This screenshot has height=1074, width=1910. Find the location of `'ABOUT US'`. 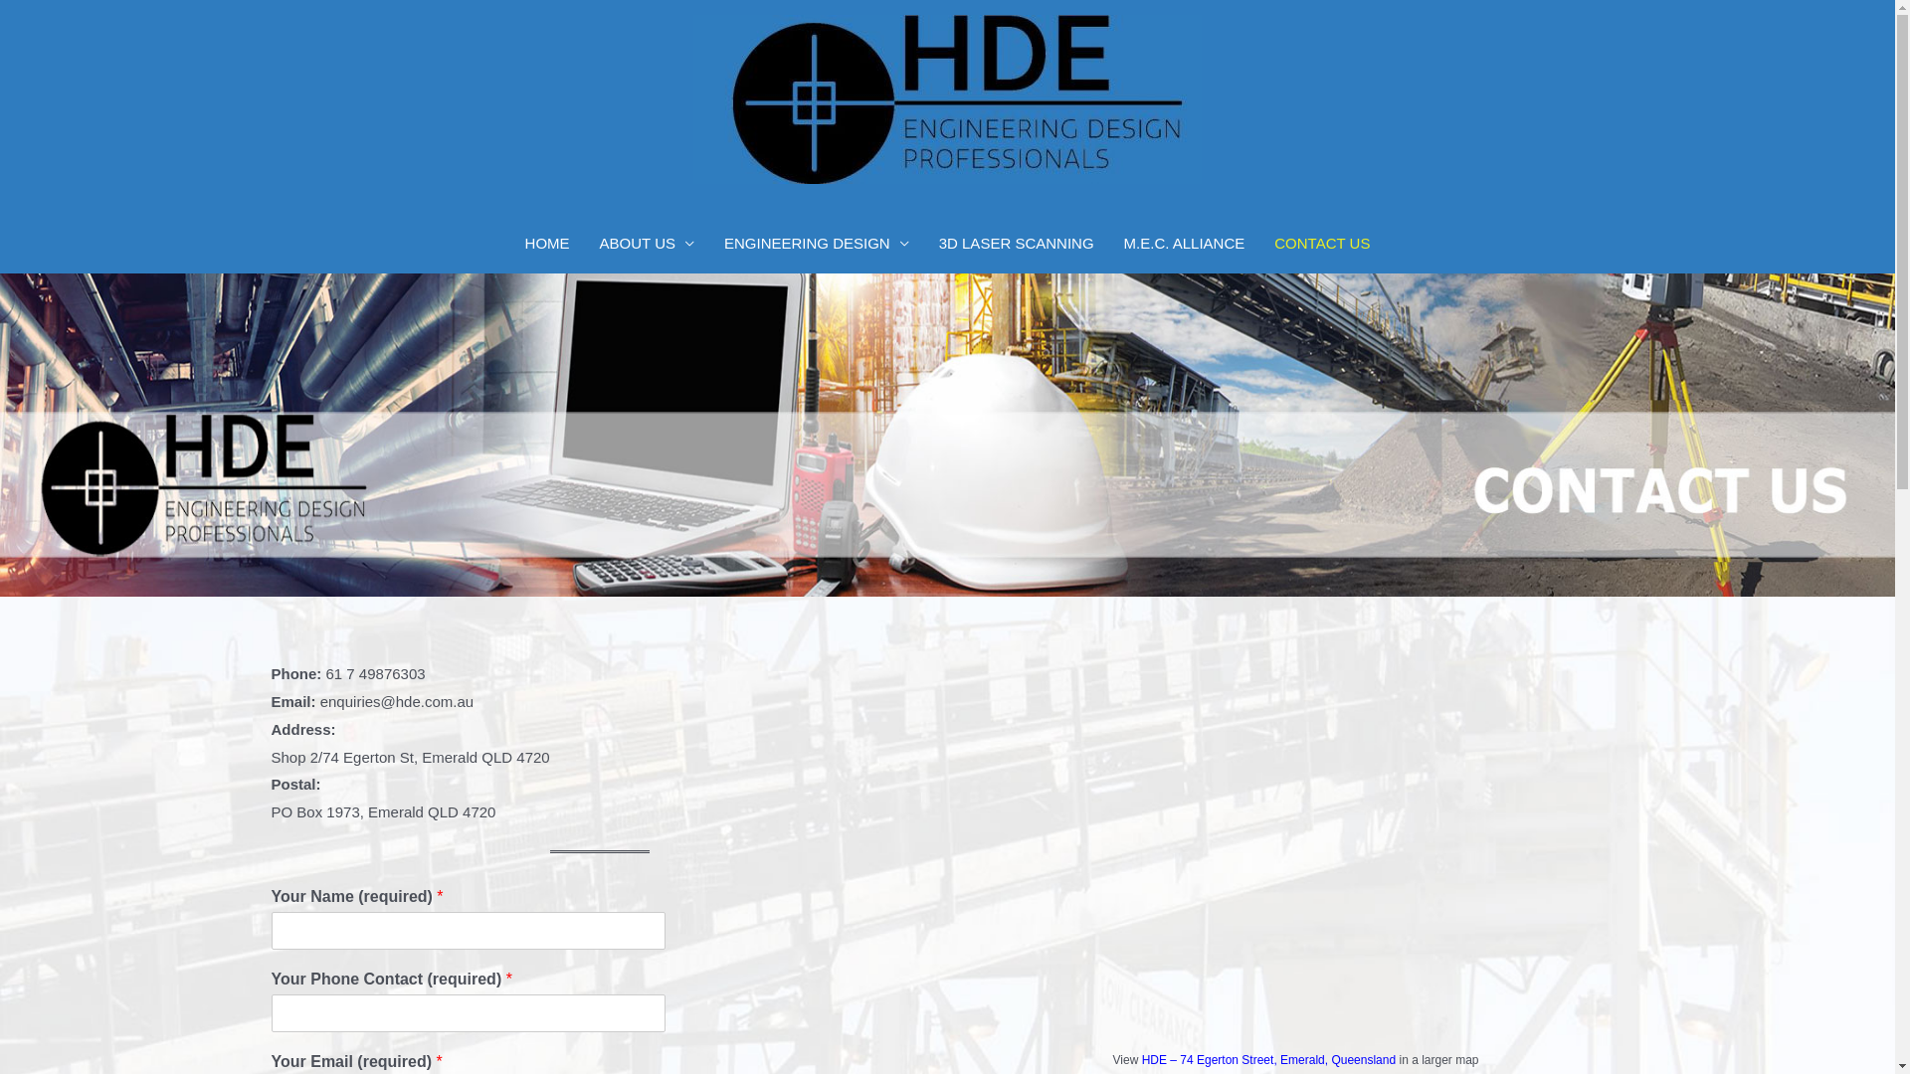

'ABOUT US' is located at coordinates (584, 243).